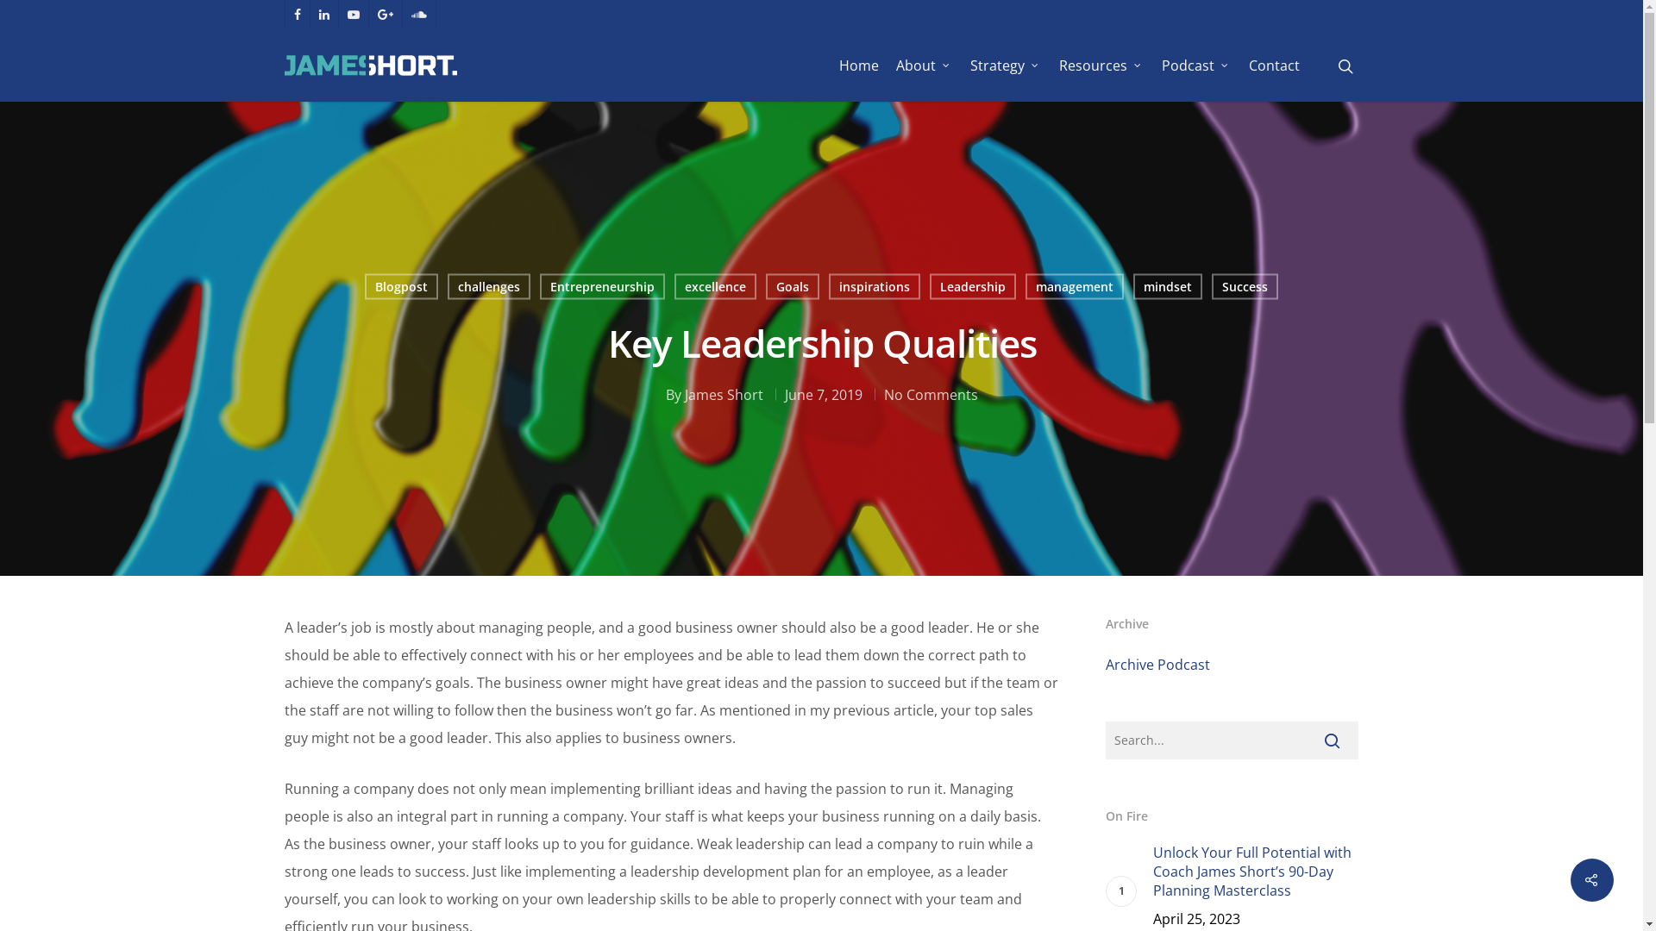 This screenshot has height=931, width=1656. I want to click on 'Podcast', so click(1195, 65).